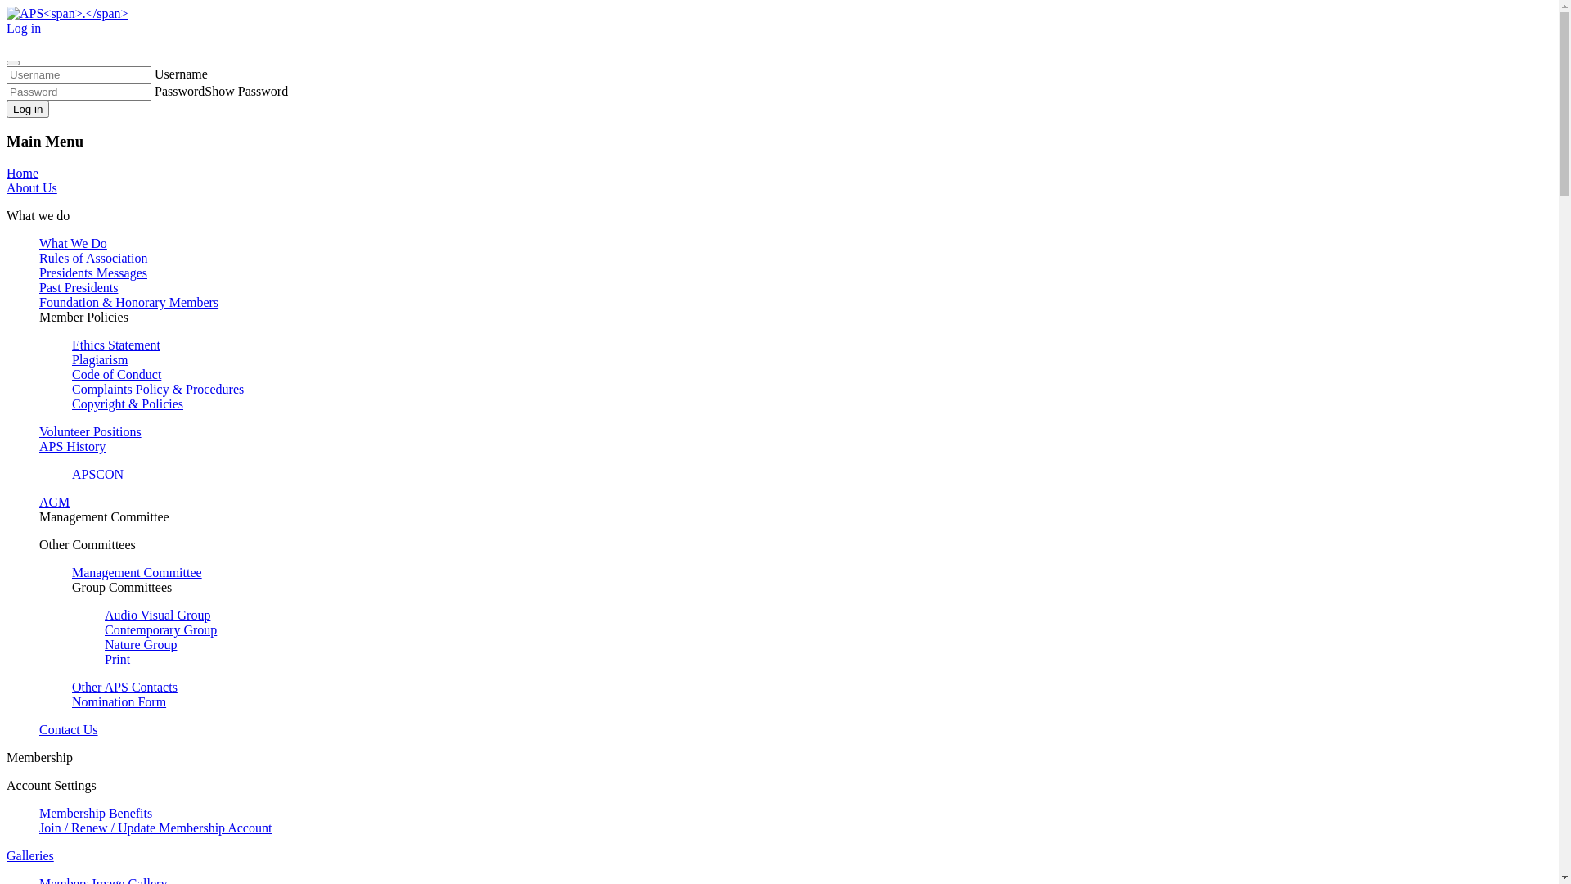  Describe the element at coordinates (115, 344) in the screenshot. I see `'Ethics Statement'` at that location.